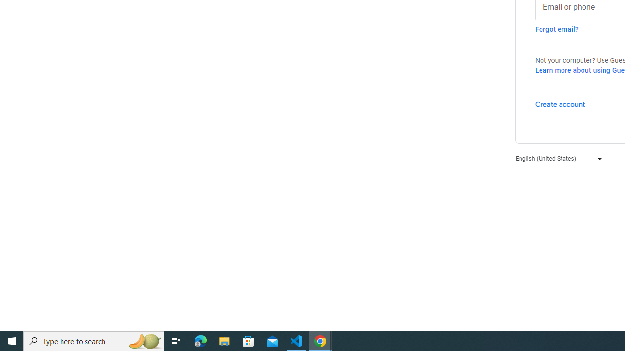 This screenshot has width=625, height=351. What do you see at coordinates (556, 158) in the screenshot?
I see `'English (United States)'` at bounding box center [556, 158].